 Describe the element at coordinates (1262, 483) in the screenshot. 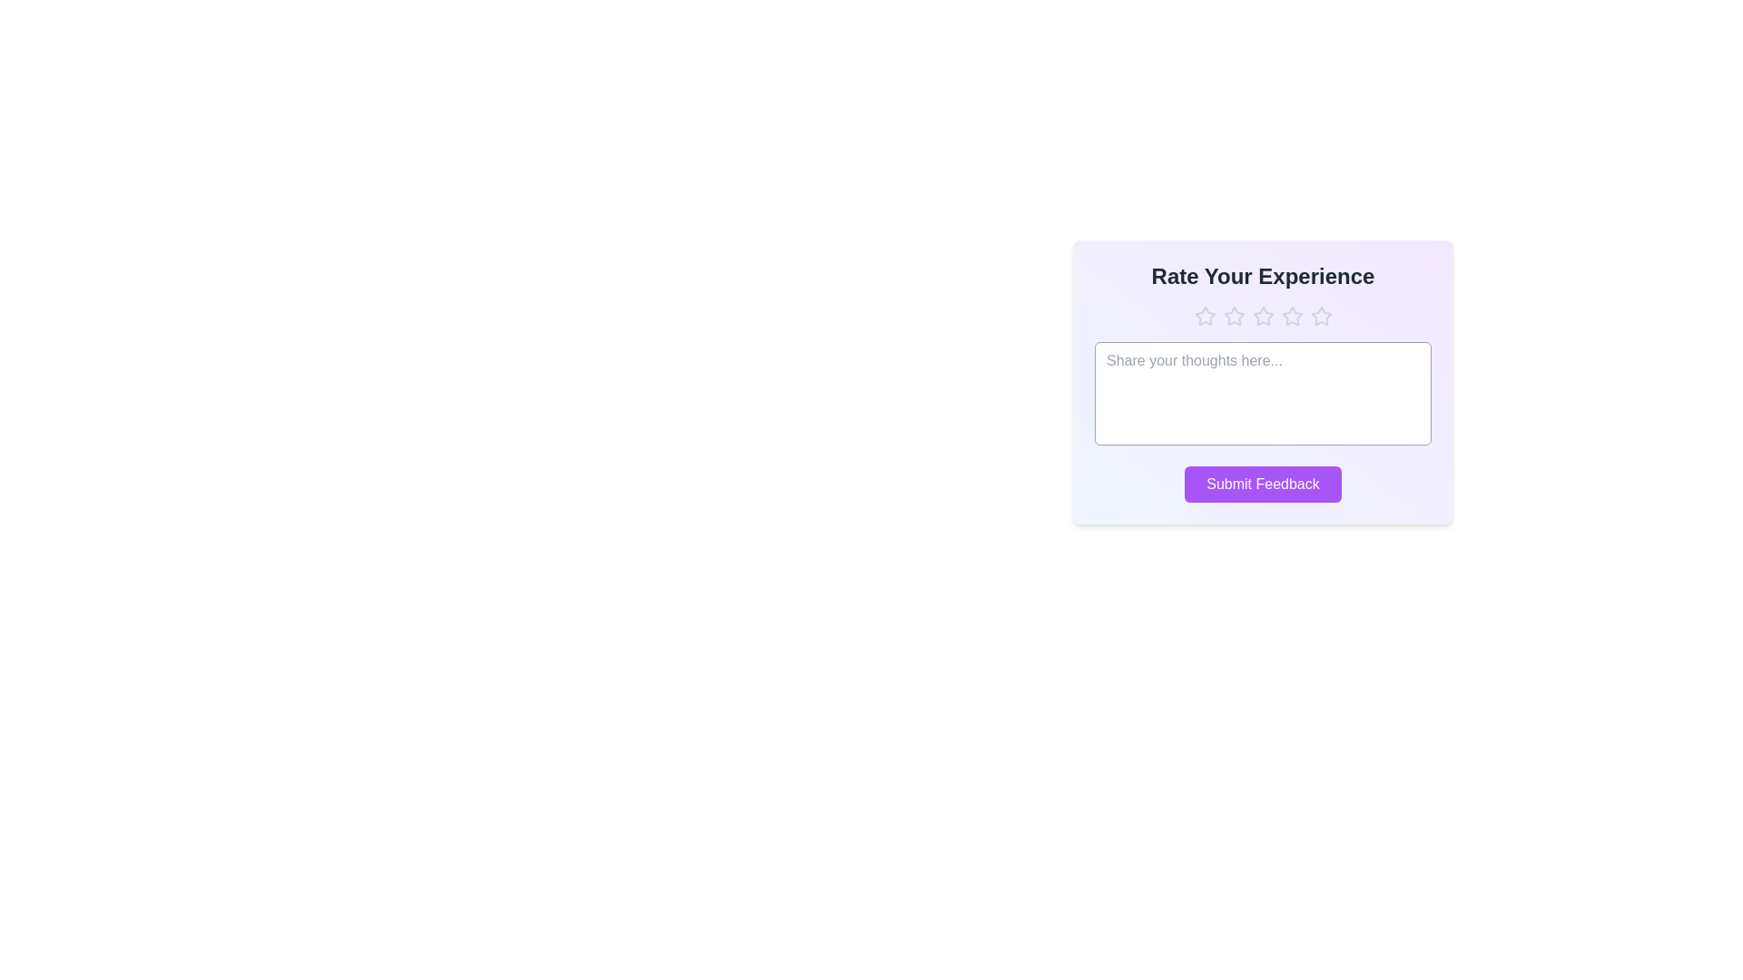

I see `the 'Submit Feedback' button to submit the feedback` at that location.